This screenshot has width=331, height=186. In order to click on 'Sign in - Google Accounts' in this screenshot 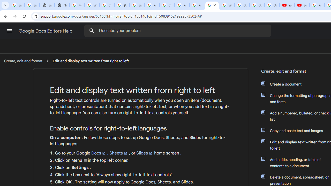, I will do `click(137, 5)`.